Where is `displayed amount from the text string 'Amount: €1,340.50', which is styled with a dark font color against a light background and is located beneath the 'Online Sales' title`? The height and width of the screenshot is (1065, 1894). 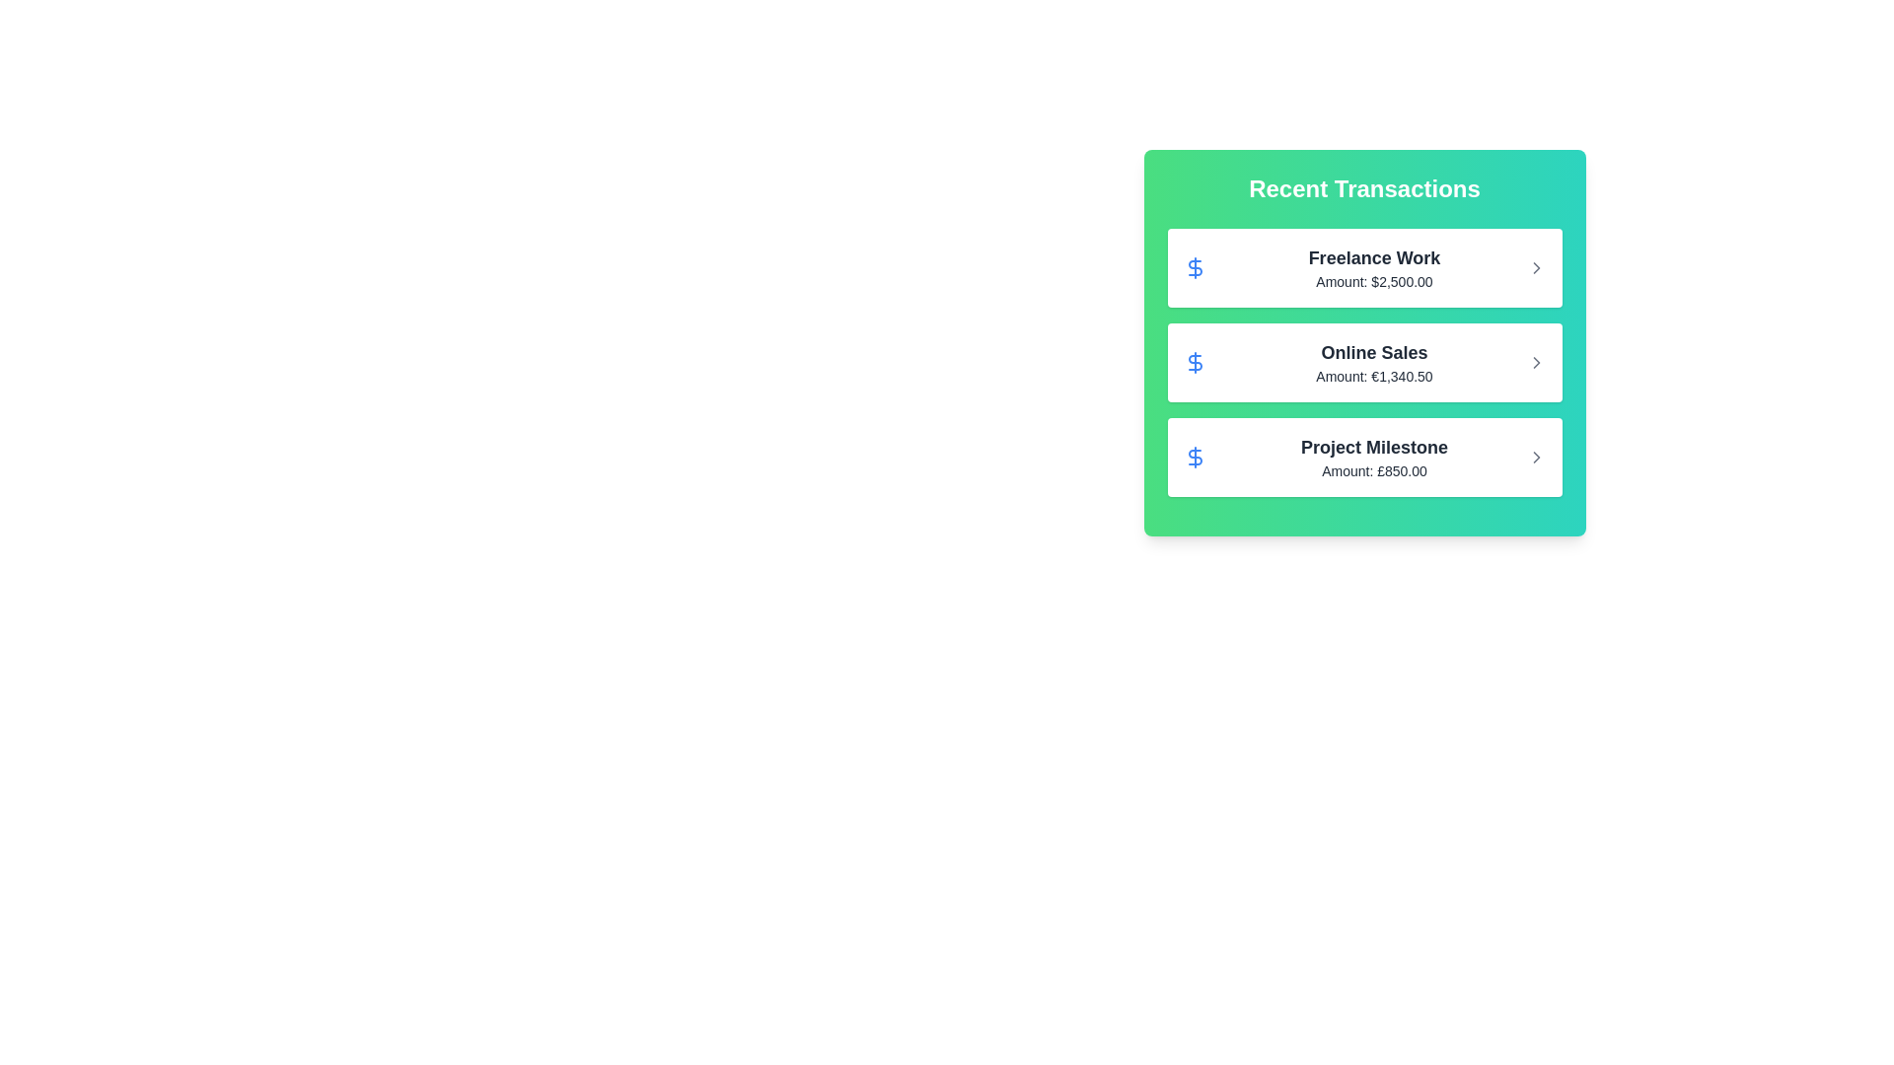
displayed amount from the text string 'Amount: €1,340.50', which is styled with a dark font color against a light background and is located beneath the 'Online Sales' title is located at coordinates (1373, 376).